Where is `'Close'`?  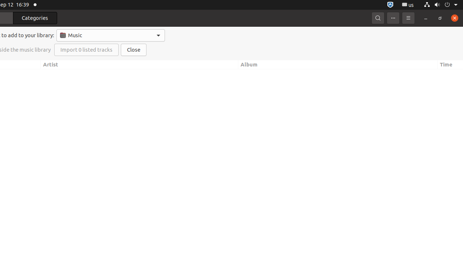
'Close' is located at coordinates (133, 49).